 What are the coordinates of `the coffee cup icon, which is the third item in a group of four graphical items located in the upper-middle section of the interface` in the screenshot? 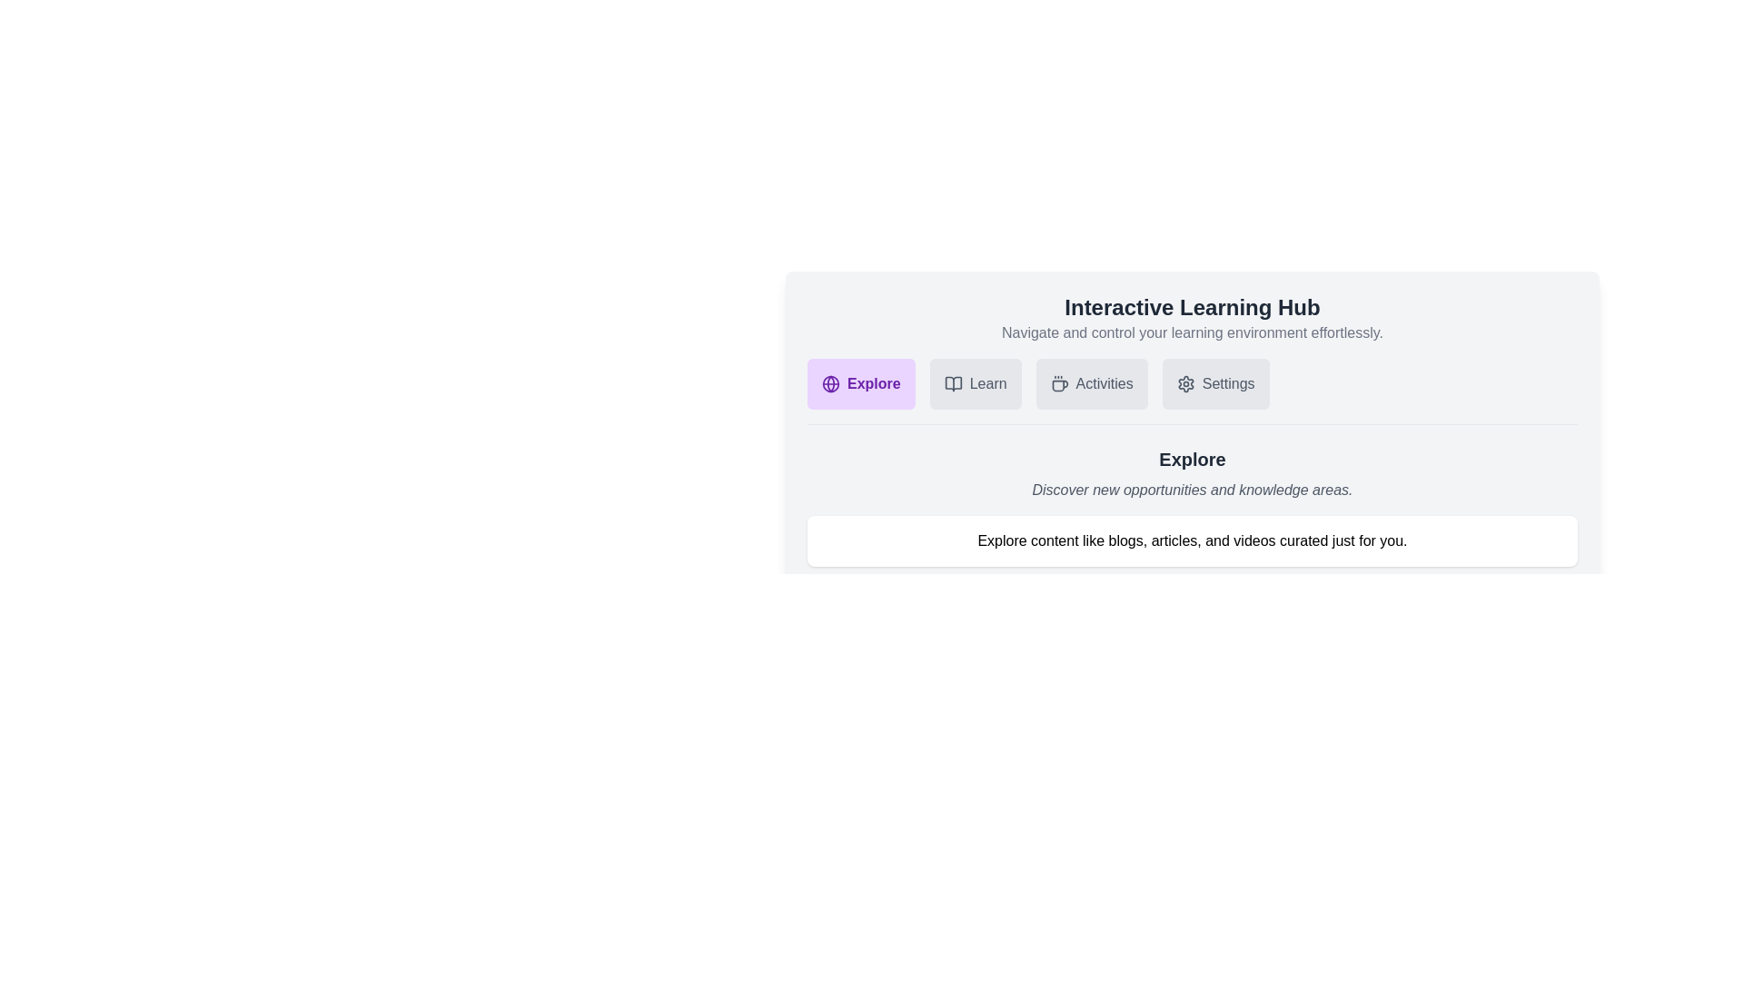 It's located at (1059, 385).